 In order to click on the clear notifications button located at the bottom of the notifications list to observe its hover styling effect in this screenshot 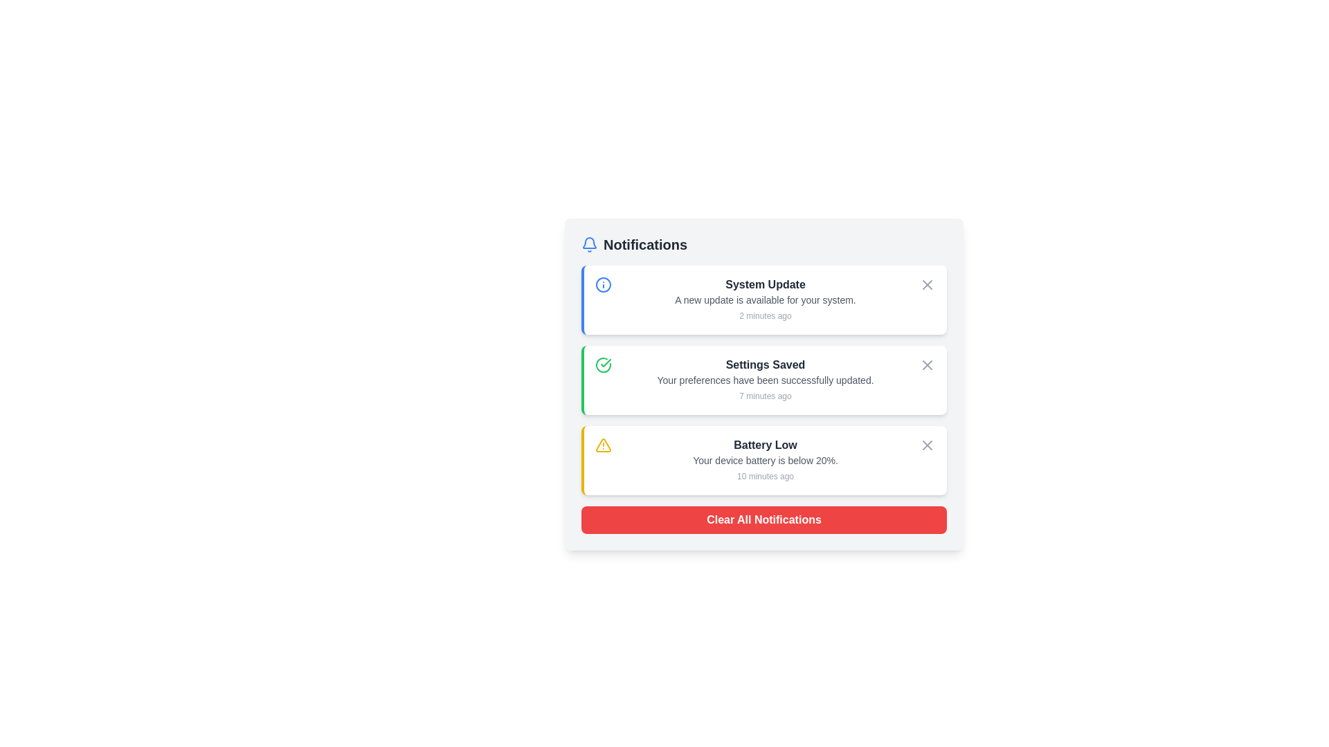, I will do `click(763, 520)`.